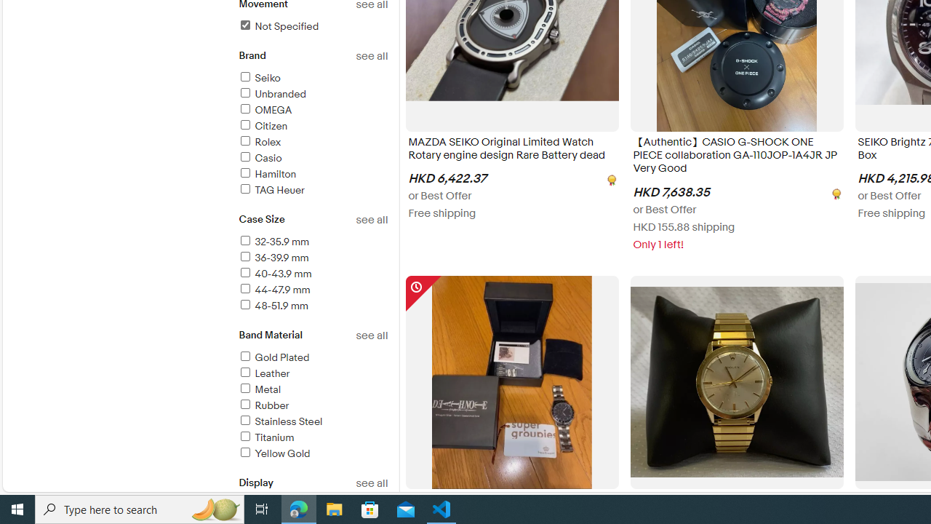  What do you see at coordinates (312, 373) in the screenshot?
I see `'Leather'` at bounding box center [312, 373].